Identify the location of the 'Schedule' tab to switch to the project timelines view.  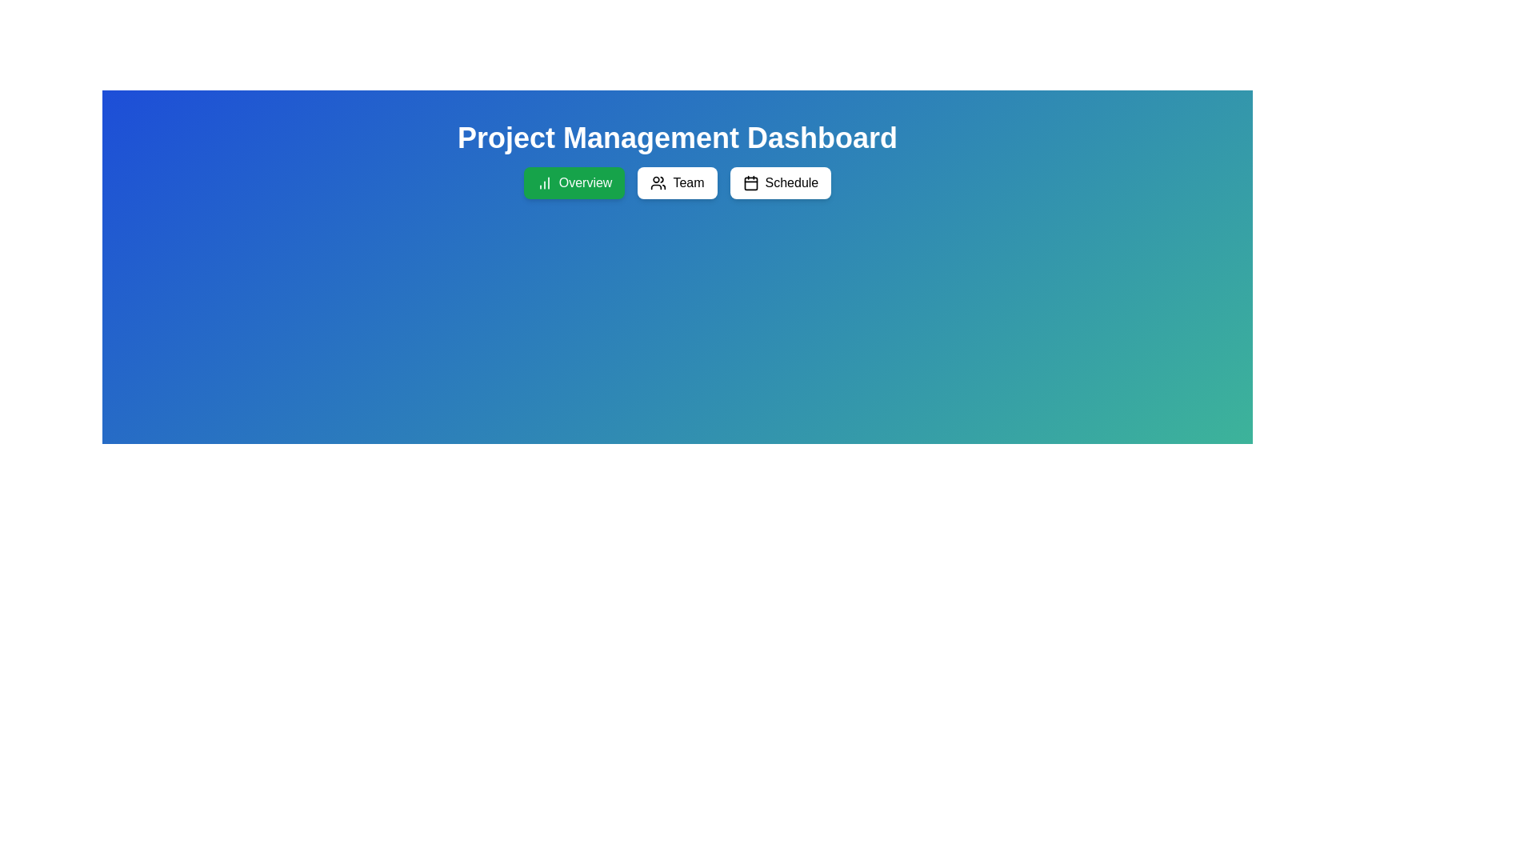
(780, 182).